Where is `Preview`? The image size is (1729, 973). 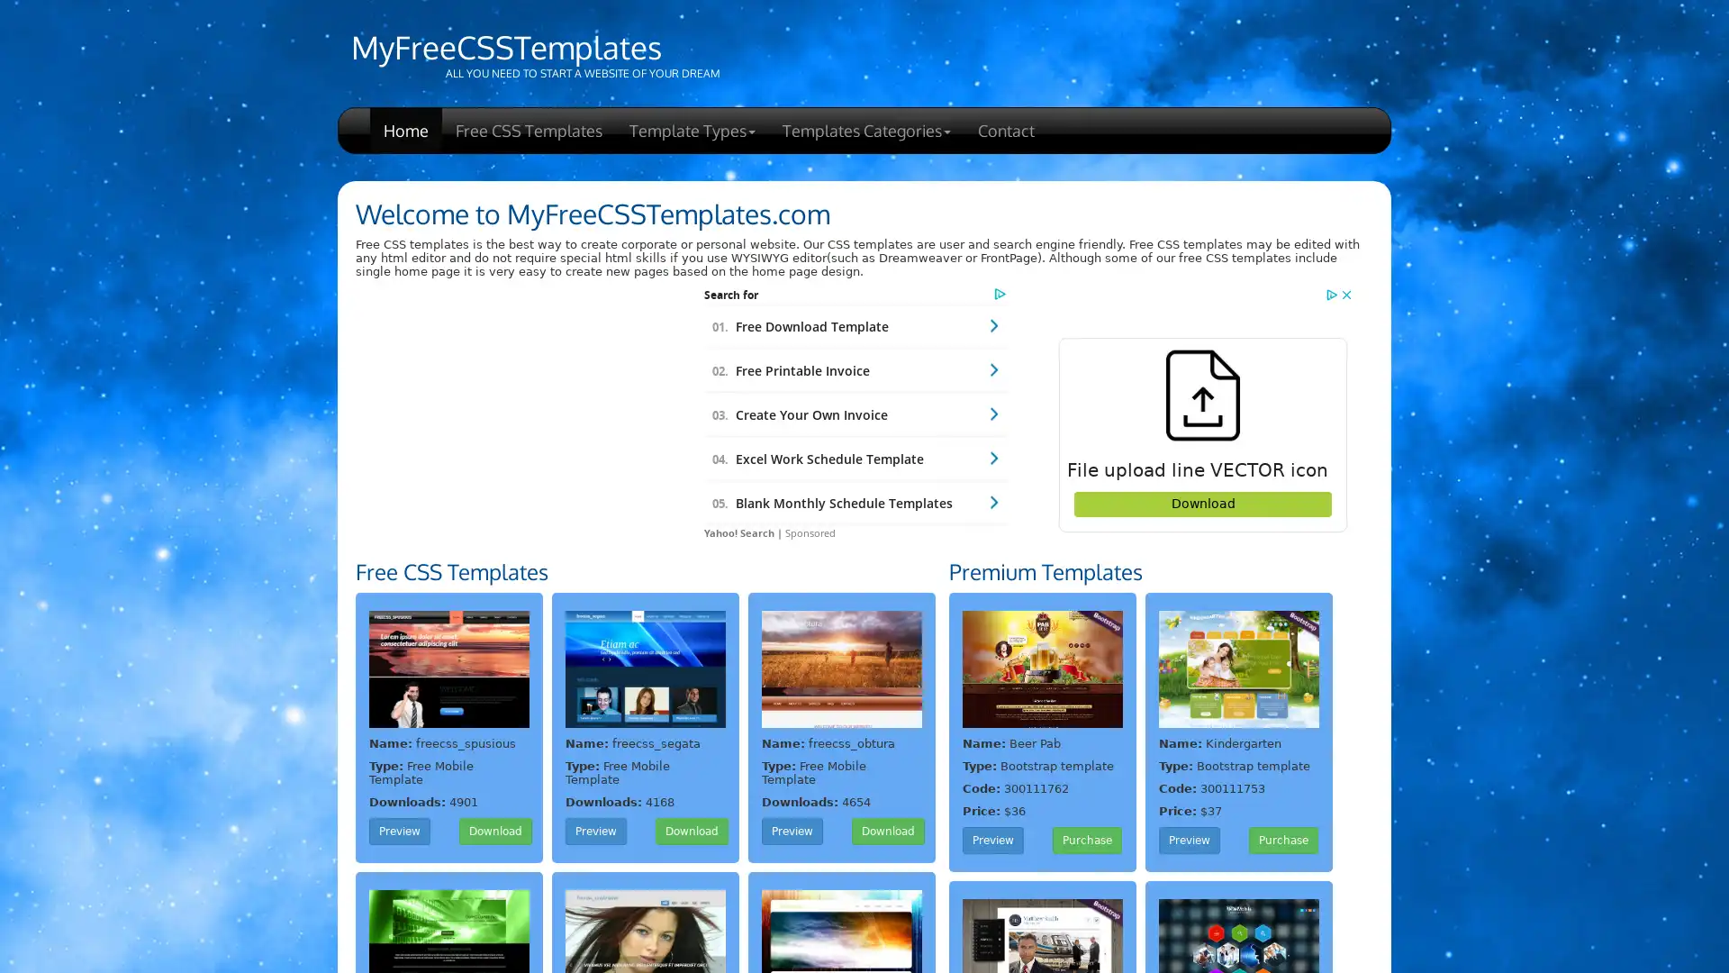
Preview is located at coordinates (792, 831).